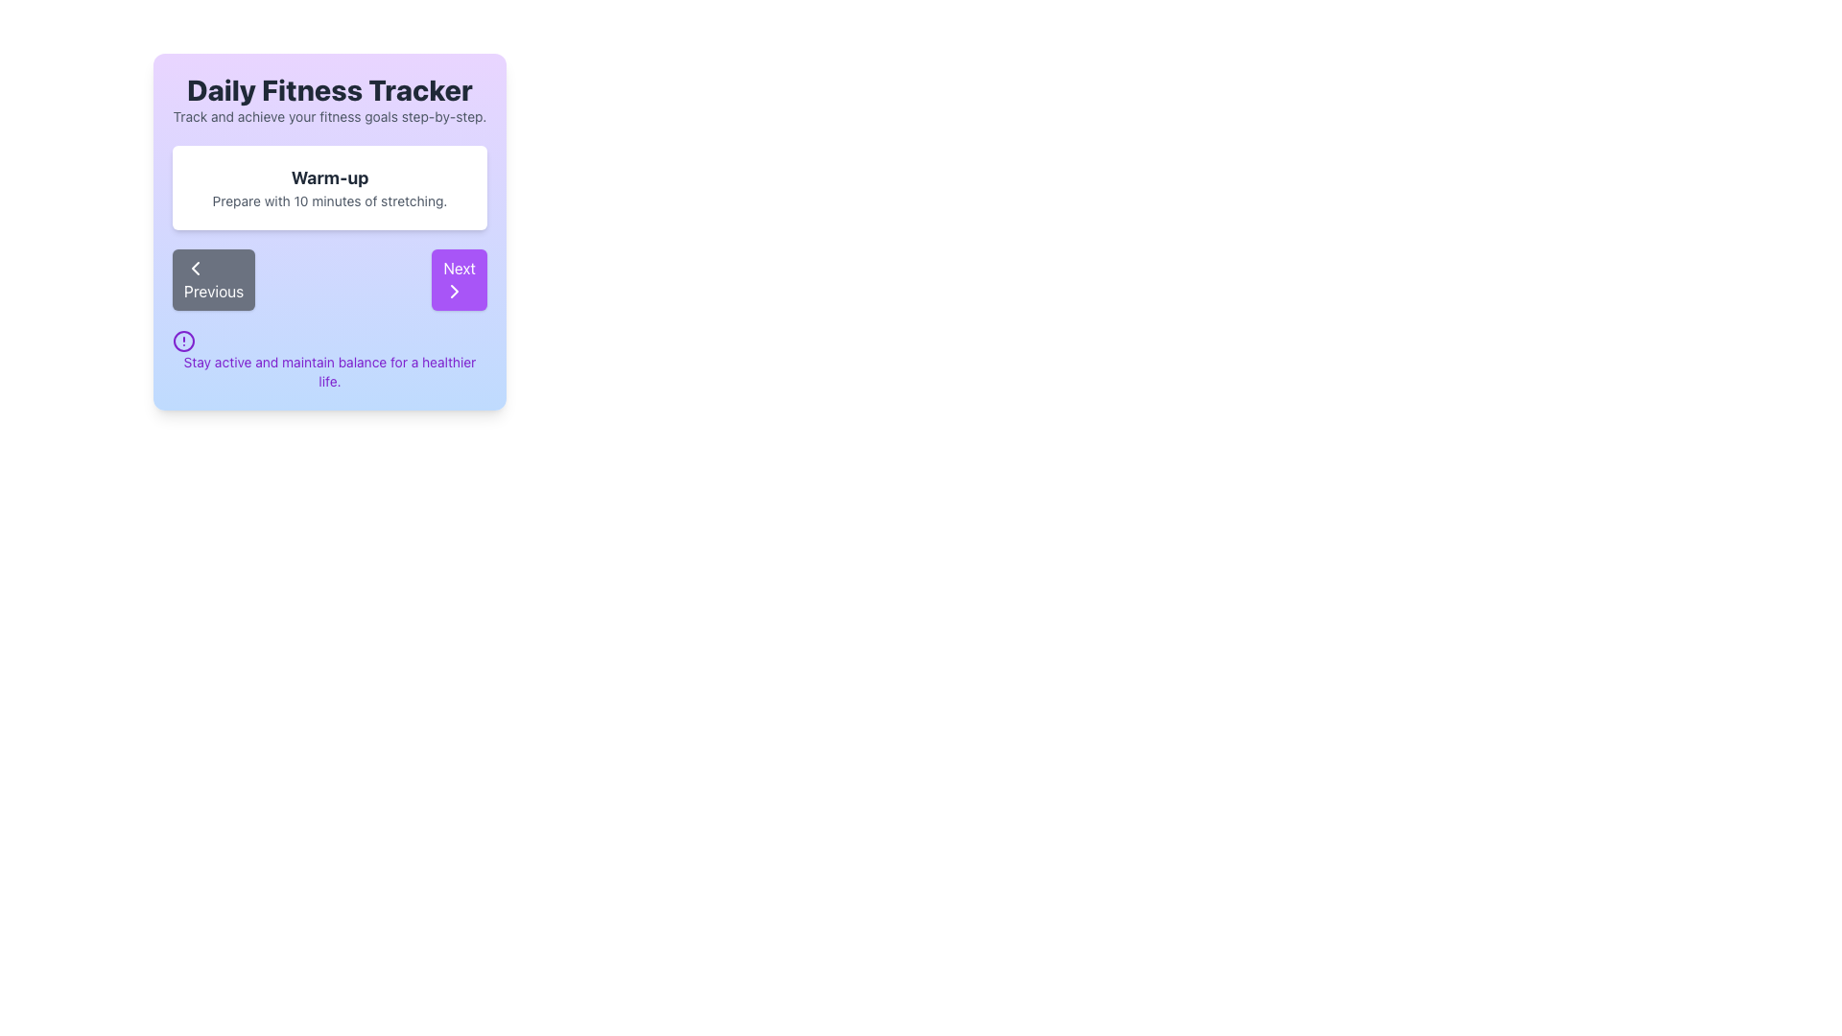 This screenshot has height=1036, width=1842. I want to click on the 'Previous' button, which contains a left-pointing arrow graphic, so click(195, 269).